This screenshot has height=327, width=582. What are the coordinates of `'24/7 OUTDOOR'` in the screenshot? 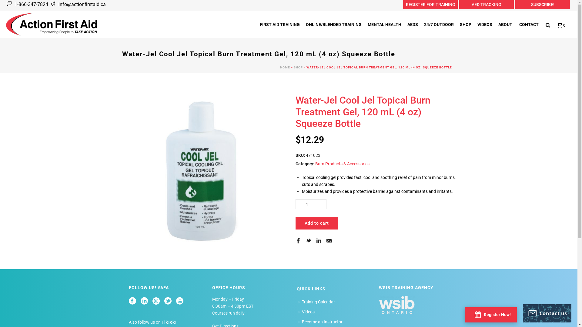 It's located at (439, 24).